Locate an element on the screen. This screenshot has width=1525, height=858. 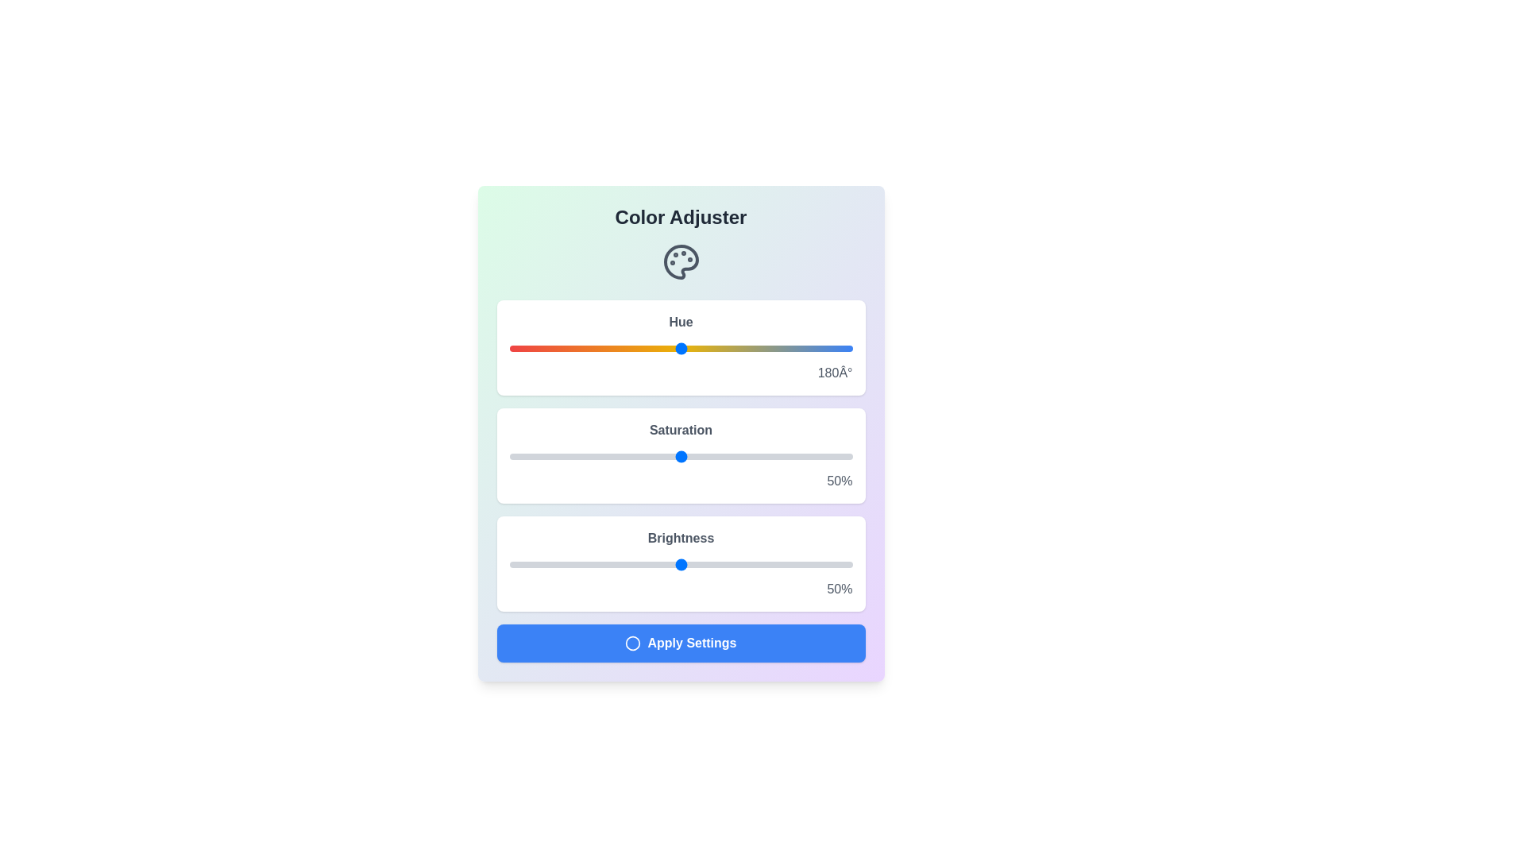
the 'Hue' slider to 86 degrees is located at coordinates (590, 348).